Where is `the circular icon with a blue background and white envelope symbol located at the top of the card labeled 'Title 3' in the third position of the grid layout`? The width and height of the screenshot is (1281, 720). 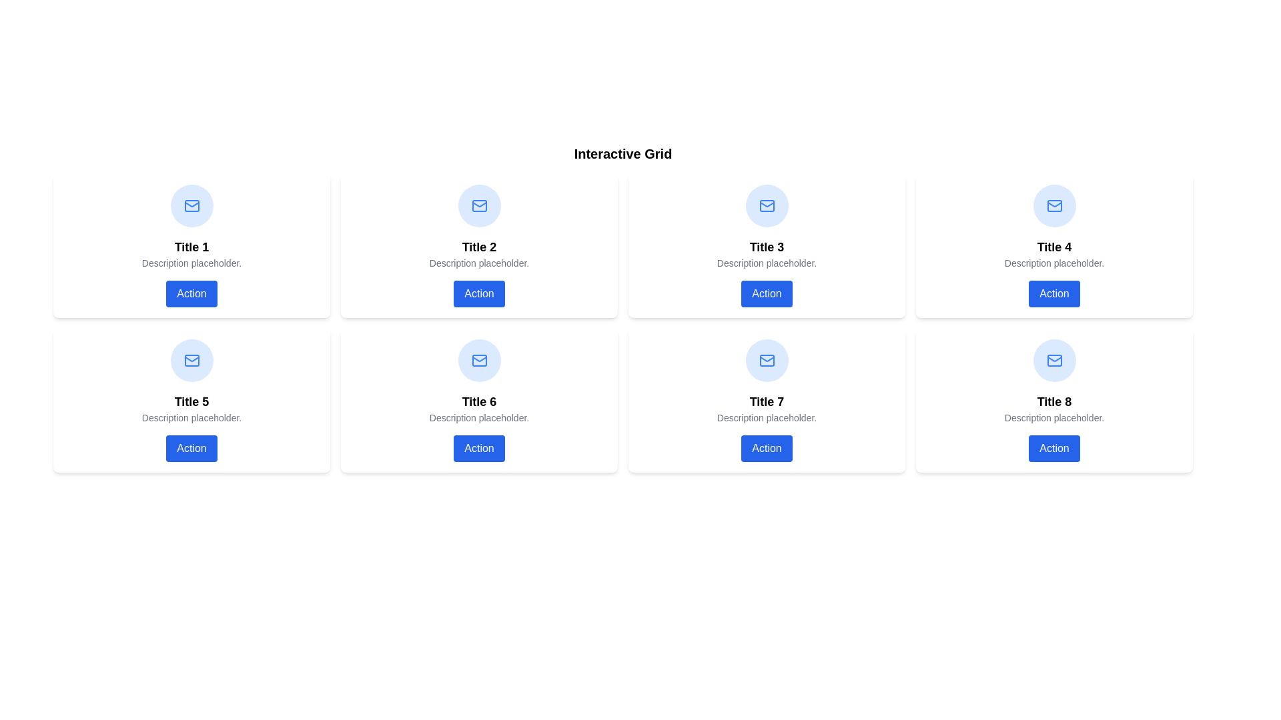 the circular icon with a blue background and white envelope symbol located at the top of the card labeled 'Title 3' in the third position of the grid layout is located at coordinates (767, 205).